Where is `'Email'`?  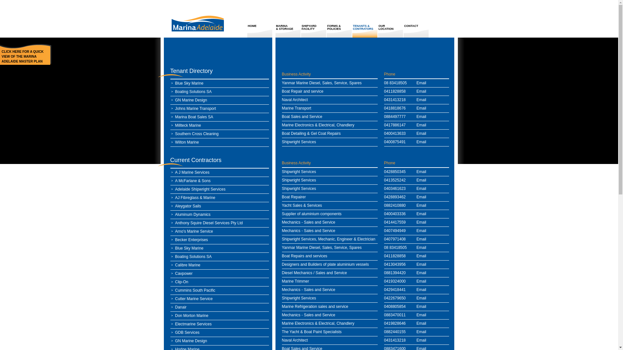
'Email' is located at coordinates (421, 222).